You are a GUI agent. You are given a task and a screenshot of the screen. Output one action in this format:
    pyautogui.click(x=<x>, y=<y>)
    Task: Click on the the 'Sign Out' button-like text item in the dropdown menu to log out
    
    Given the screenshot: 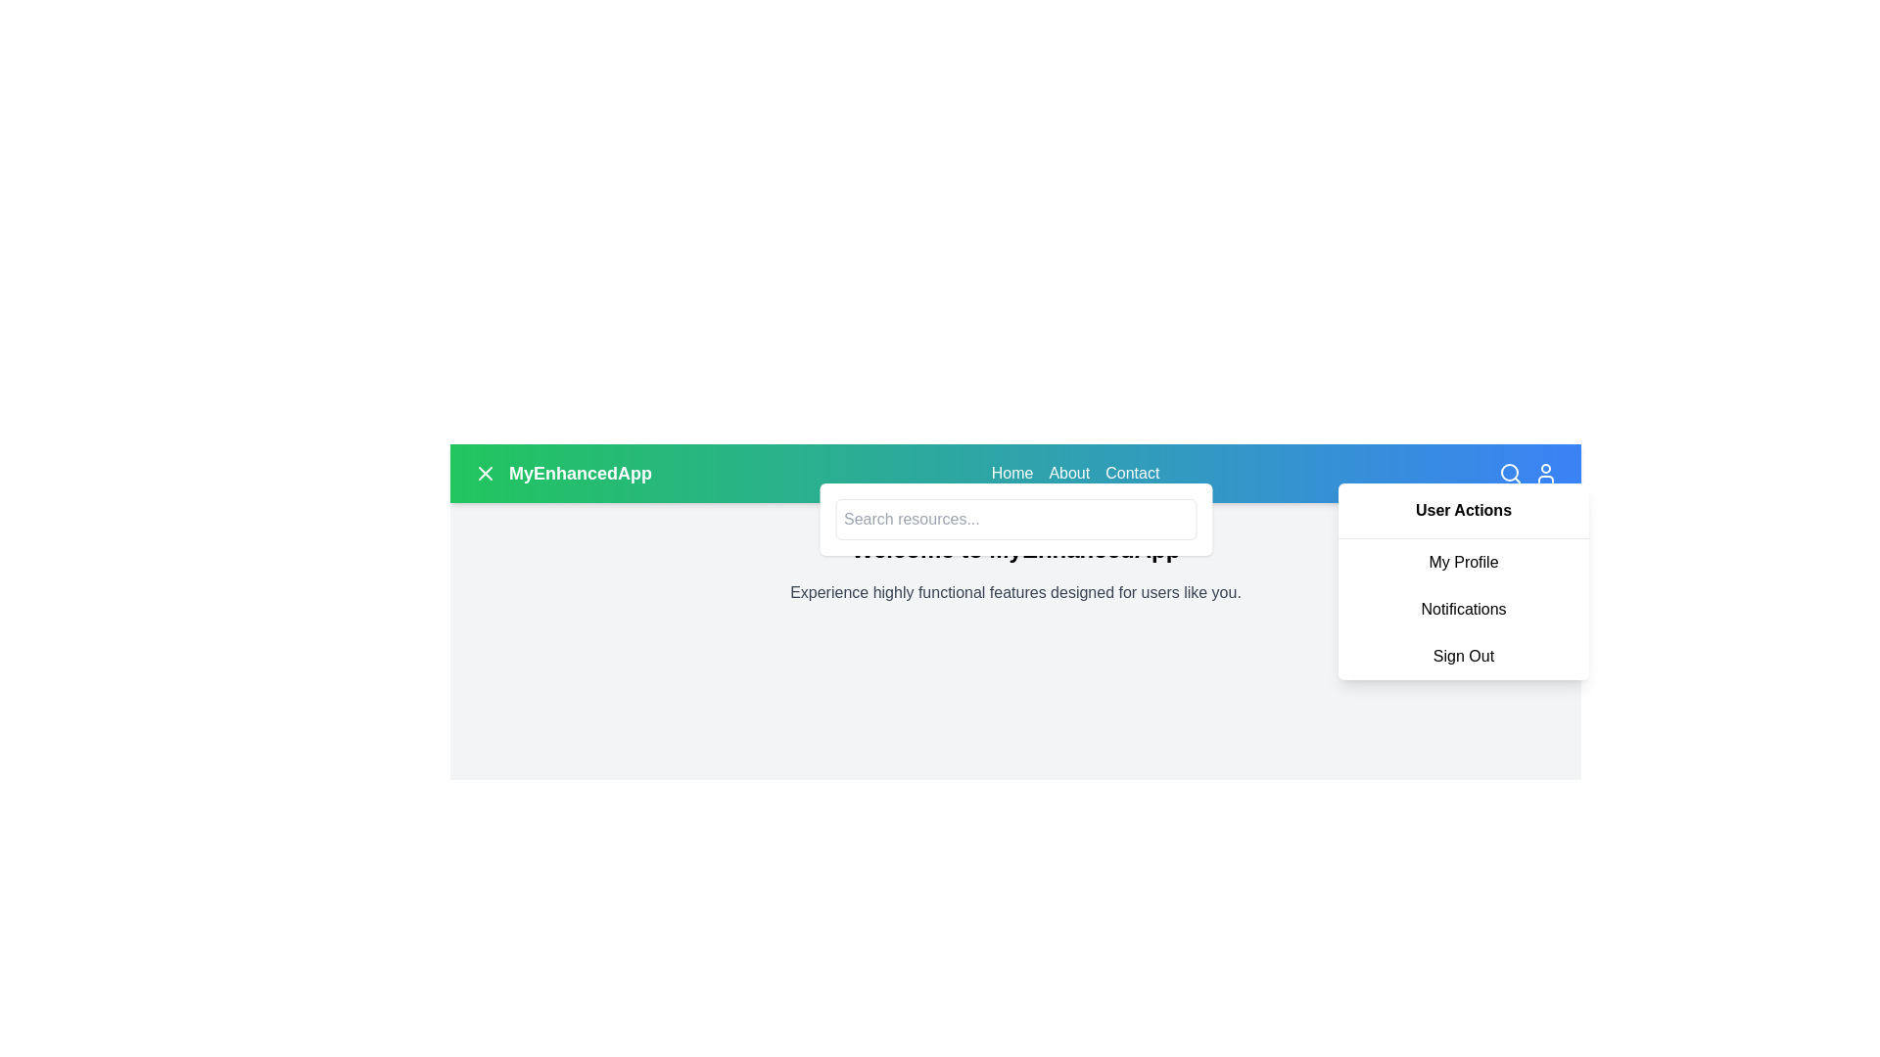 What is the action you would take?
    pyautogui.click(x=1463, y=657)
    